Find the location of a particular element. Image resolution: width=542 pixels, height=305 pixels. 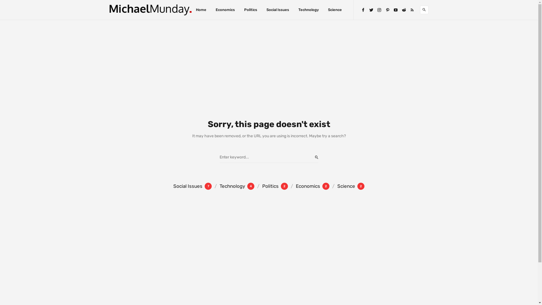

'YouTube' is located at coordinates (395, 10).